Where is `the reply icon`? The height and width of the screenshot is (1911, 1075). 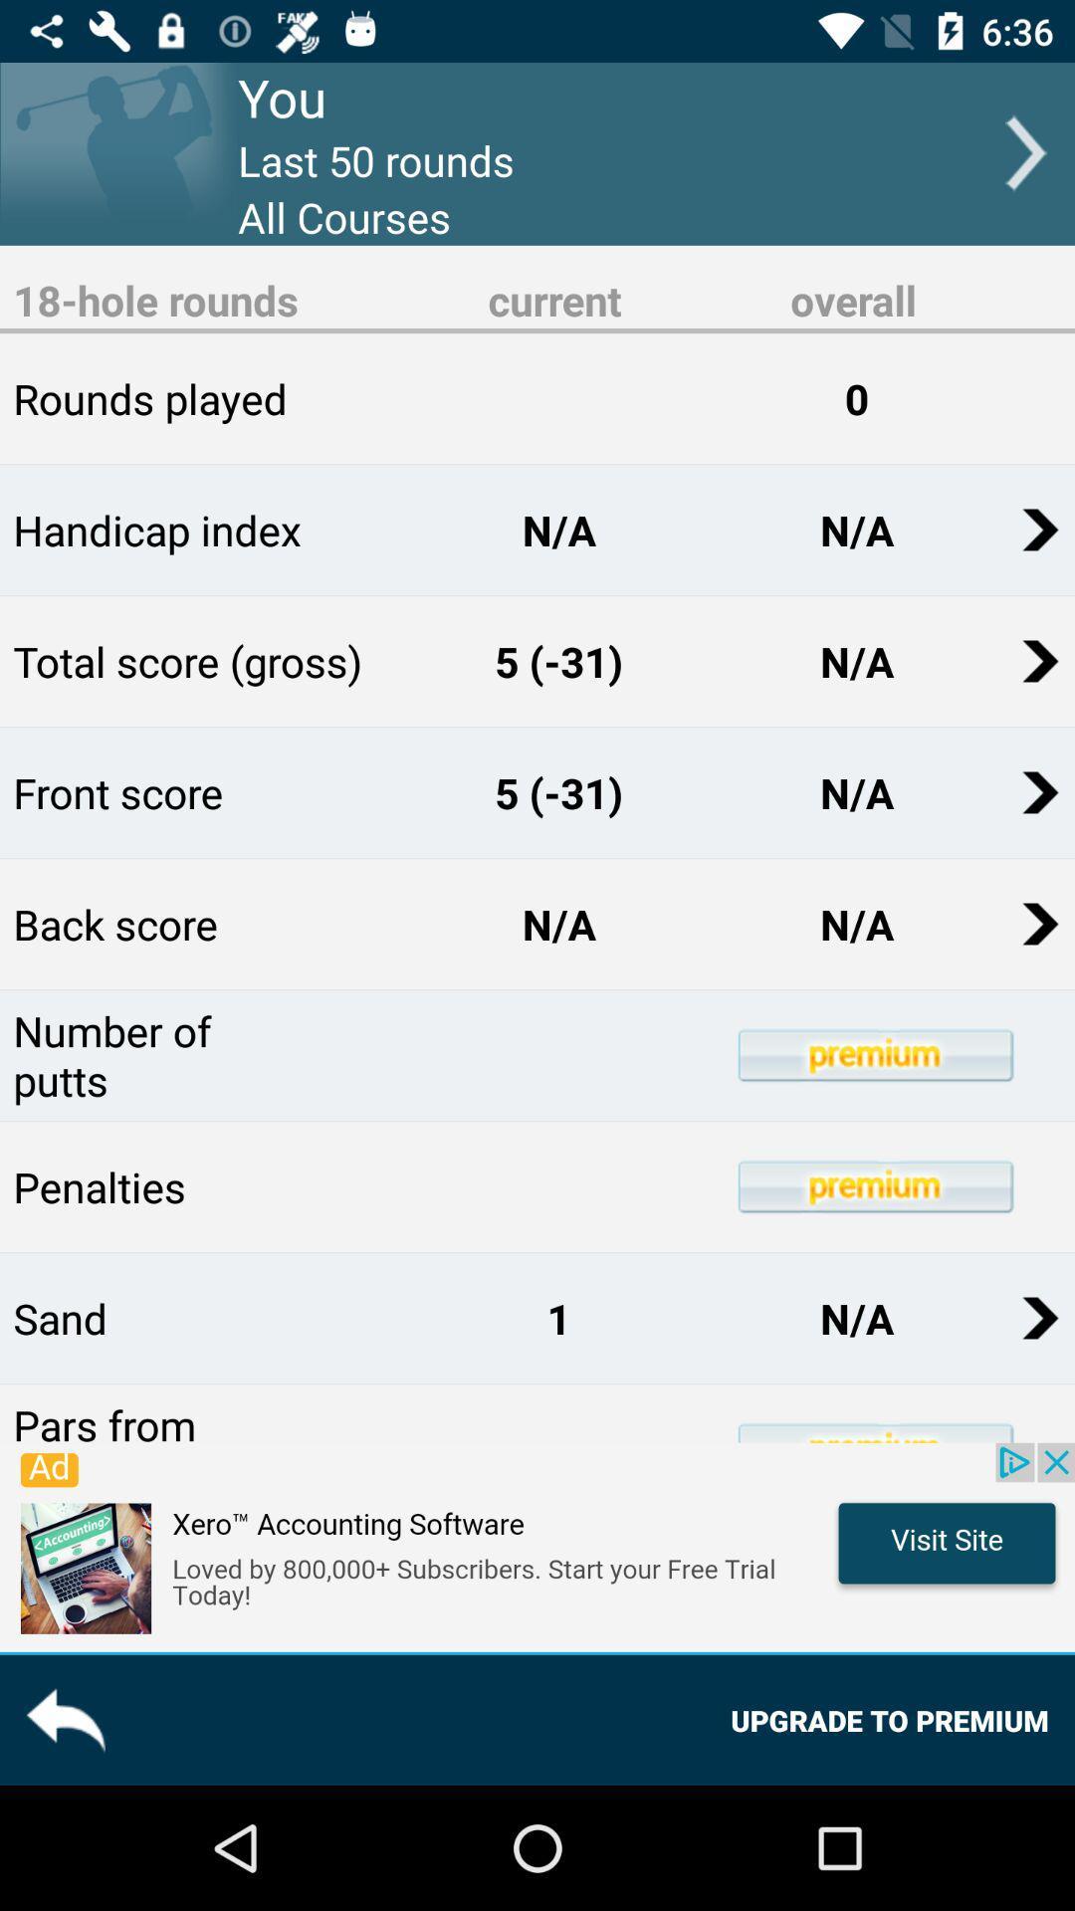
the reply icon is located at coordinates (64, 1719).